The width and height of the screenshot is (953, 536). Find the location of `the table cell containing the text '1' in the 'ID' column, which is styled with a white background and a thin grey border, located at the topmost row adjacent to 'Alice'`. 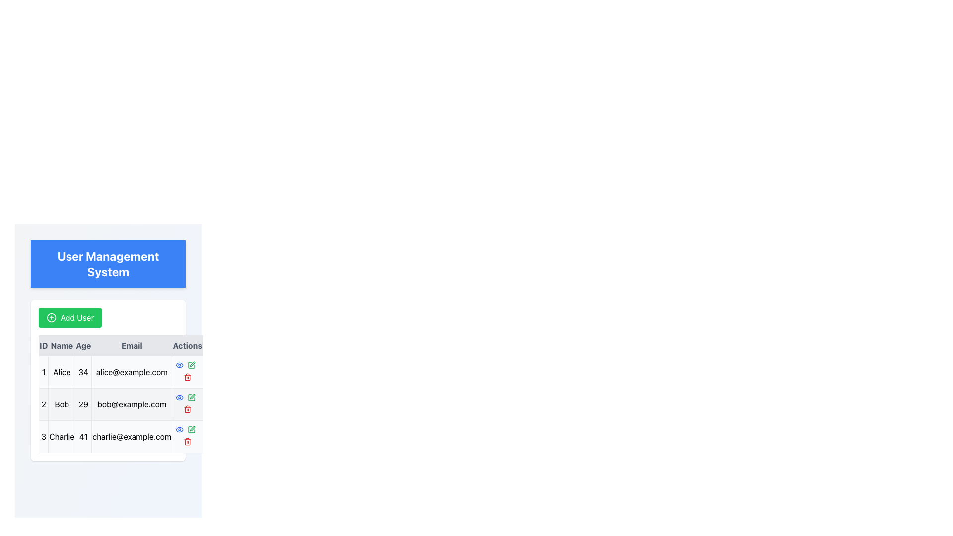

the table cell containing the text '1' in the 'ID' column, which is styled with a white background and a thin grey border, located at the topmost row adjacent to 'Alice' is located at coordinates (43, 372).